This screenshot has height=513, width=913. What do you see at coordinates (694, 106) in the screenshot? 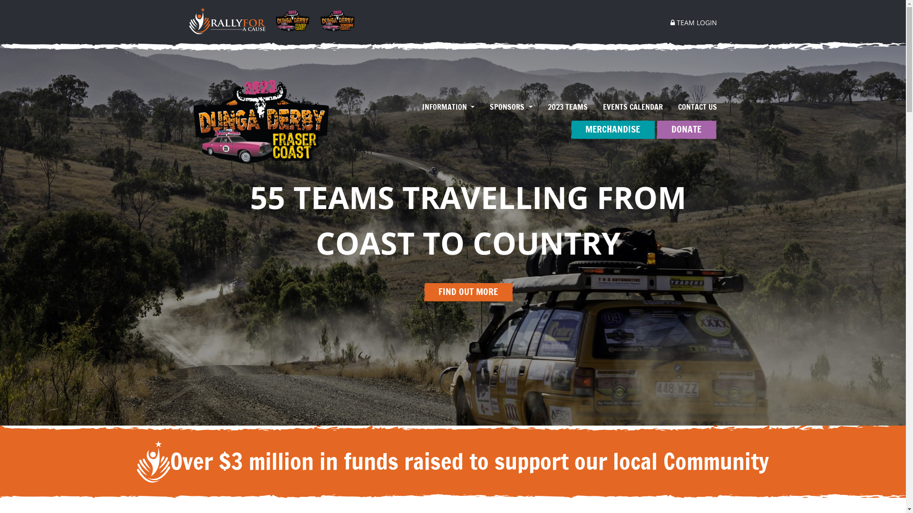
I see `'CONTACT US'` at bounding box center [694, 106].